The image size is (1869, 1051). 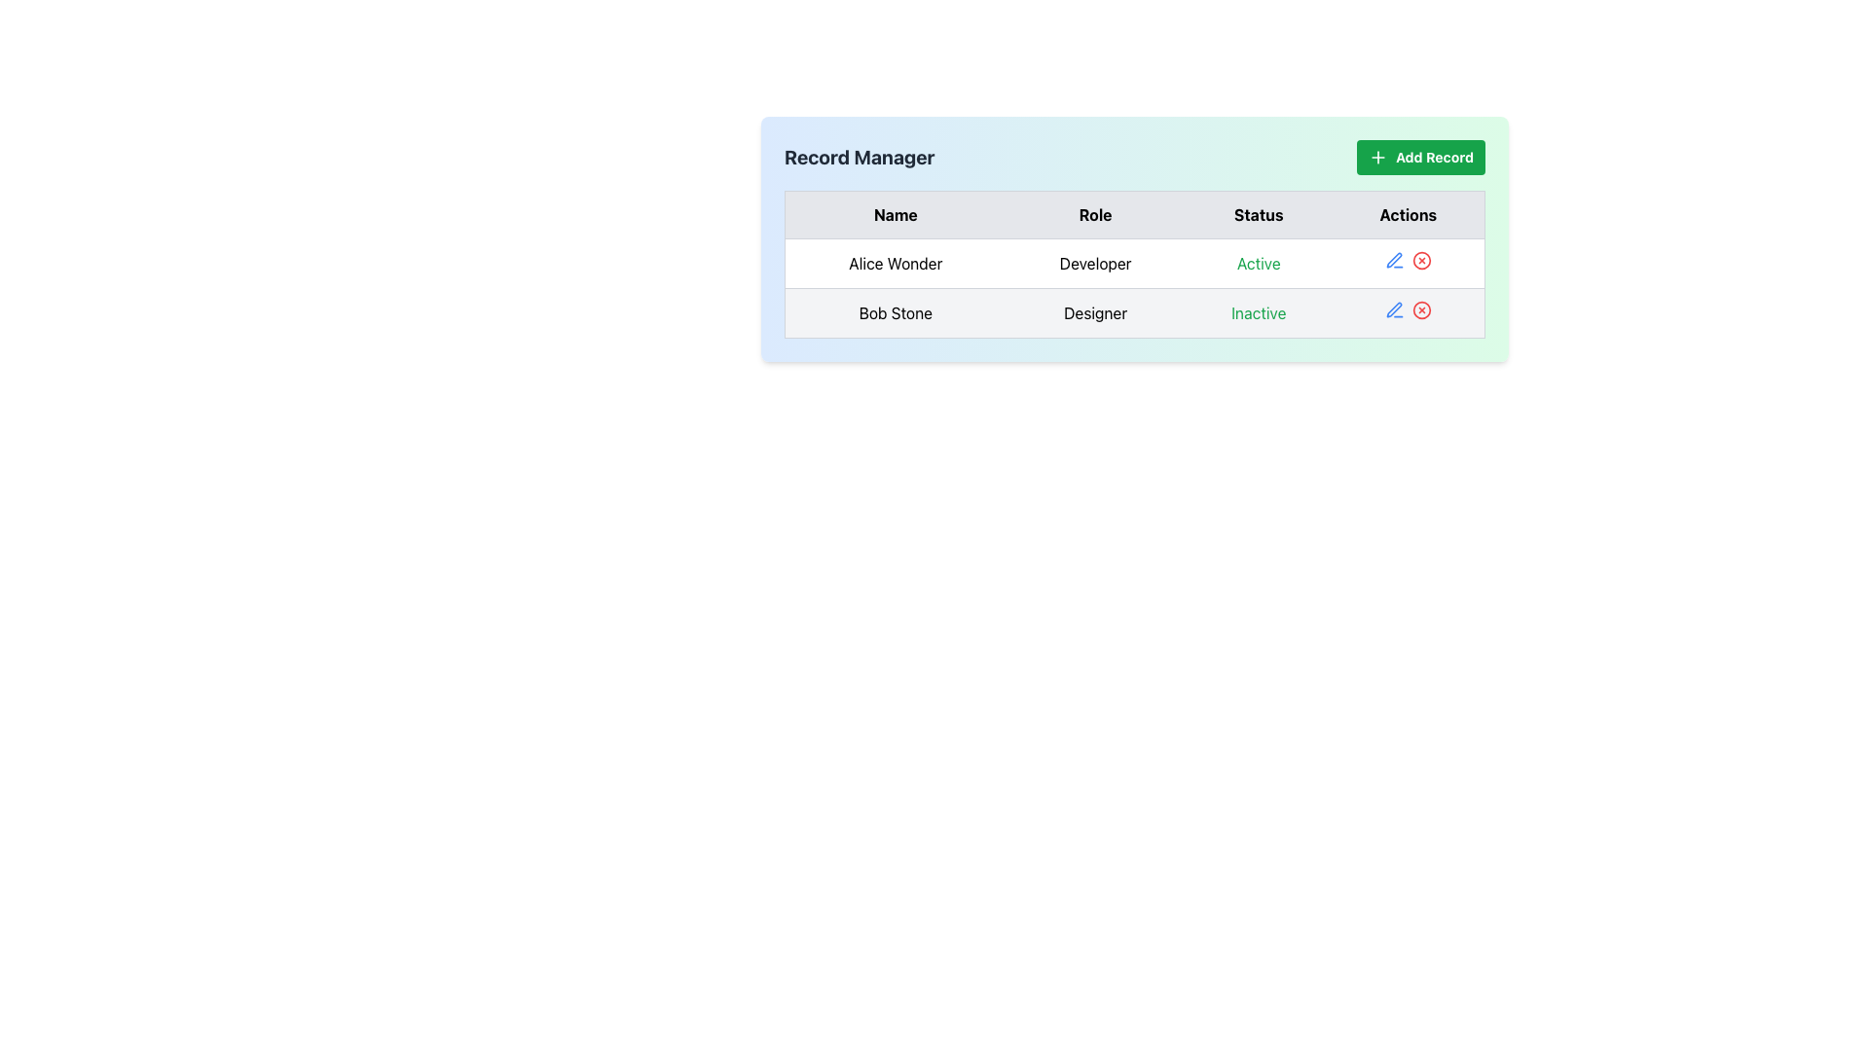 What do you see at coordinates (1095, 214) in the screenshot?
I see `the 'Role' text label, which is a rectangular box with a gray background and bold black text, located in the second column of a table under 'Record Manager'` at bounding box center [1095, 214].